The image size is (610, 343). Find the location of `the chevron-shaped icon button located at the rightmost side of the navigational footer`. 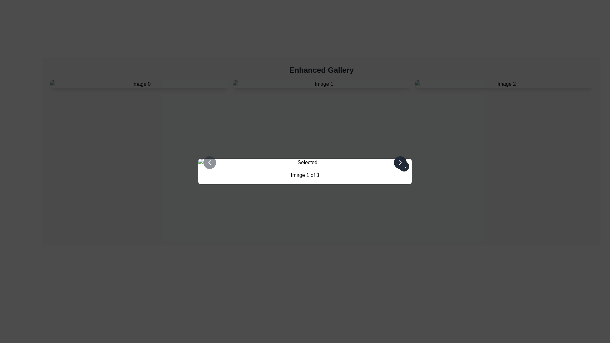

the chevron-shaped icon button located at the rightmost side of the navigational footer is located at coordinates (400, 162).